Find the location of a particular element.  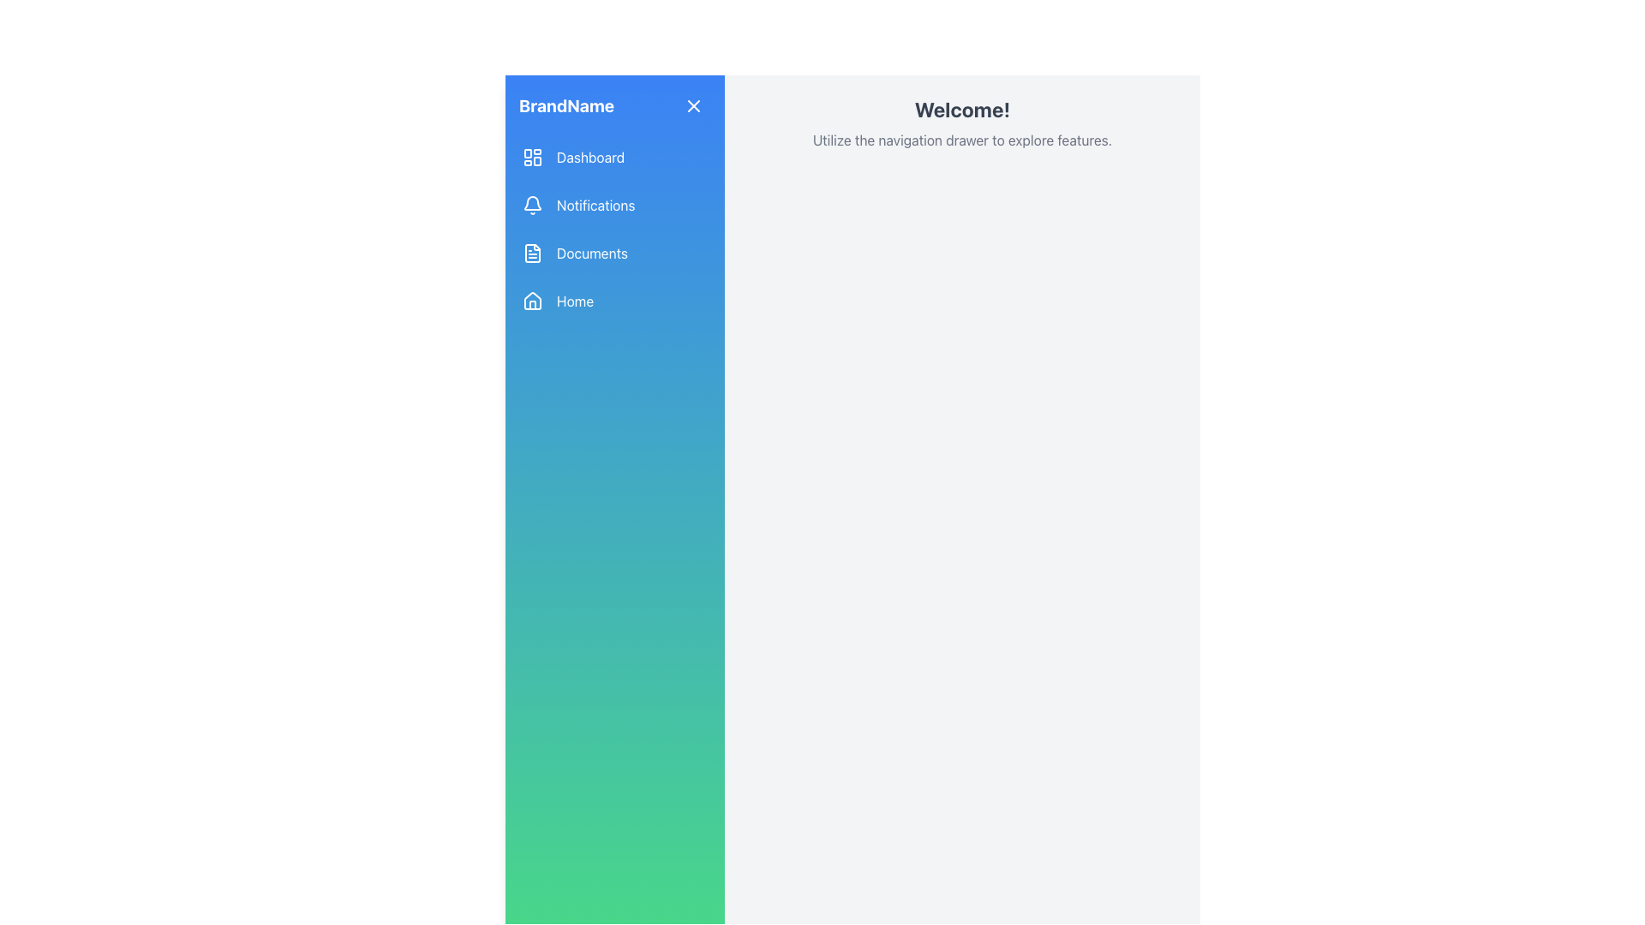

the slanted cross ('x') shape icon located in the upper-right area of the vertical navigation bar next to 'BrandName' is located at coordinates (694, 105).